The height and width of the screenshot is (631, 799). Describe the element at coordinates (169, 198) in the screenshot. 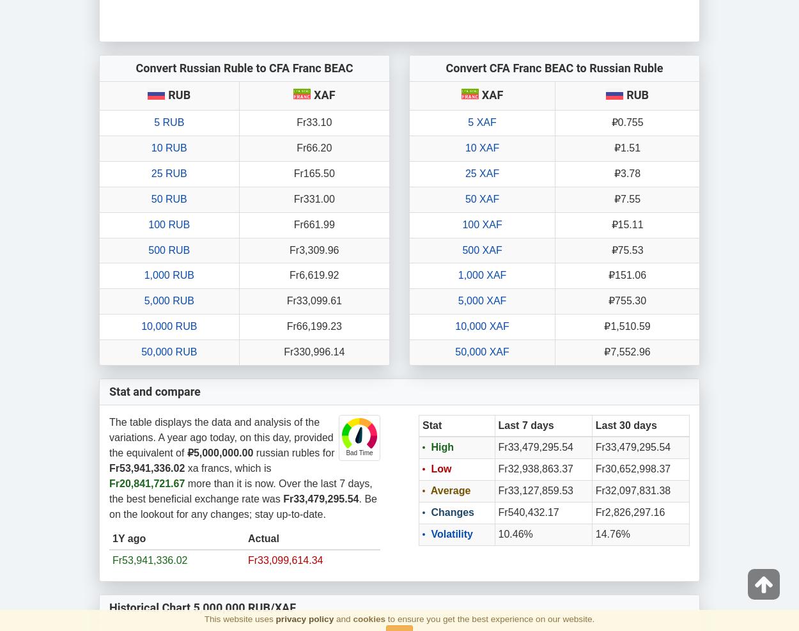

I see `'50 RUB'` at that location.